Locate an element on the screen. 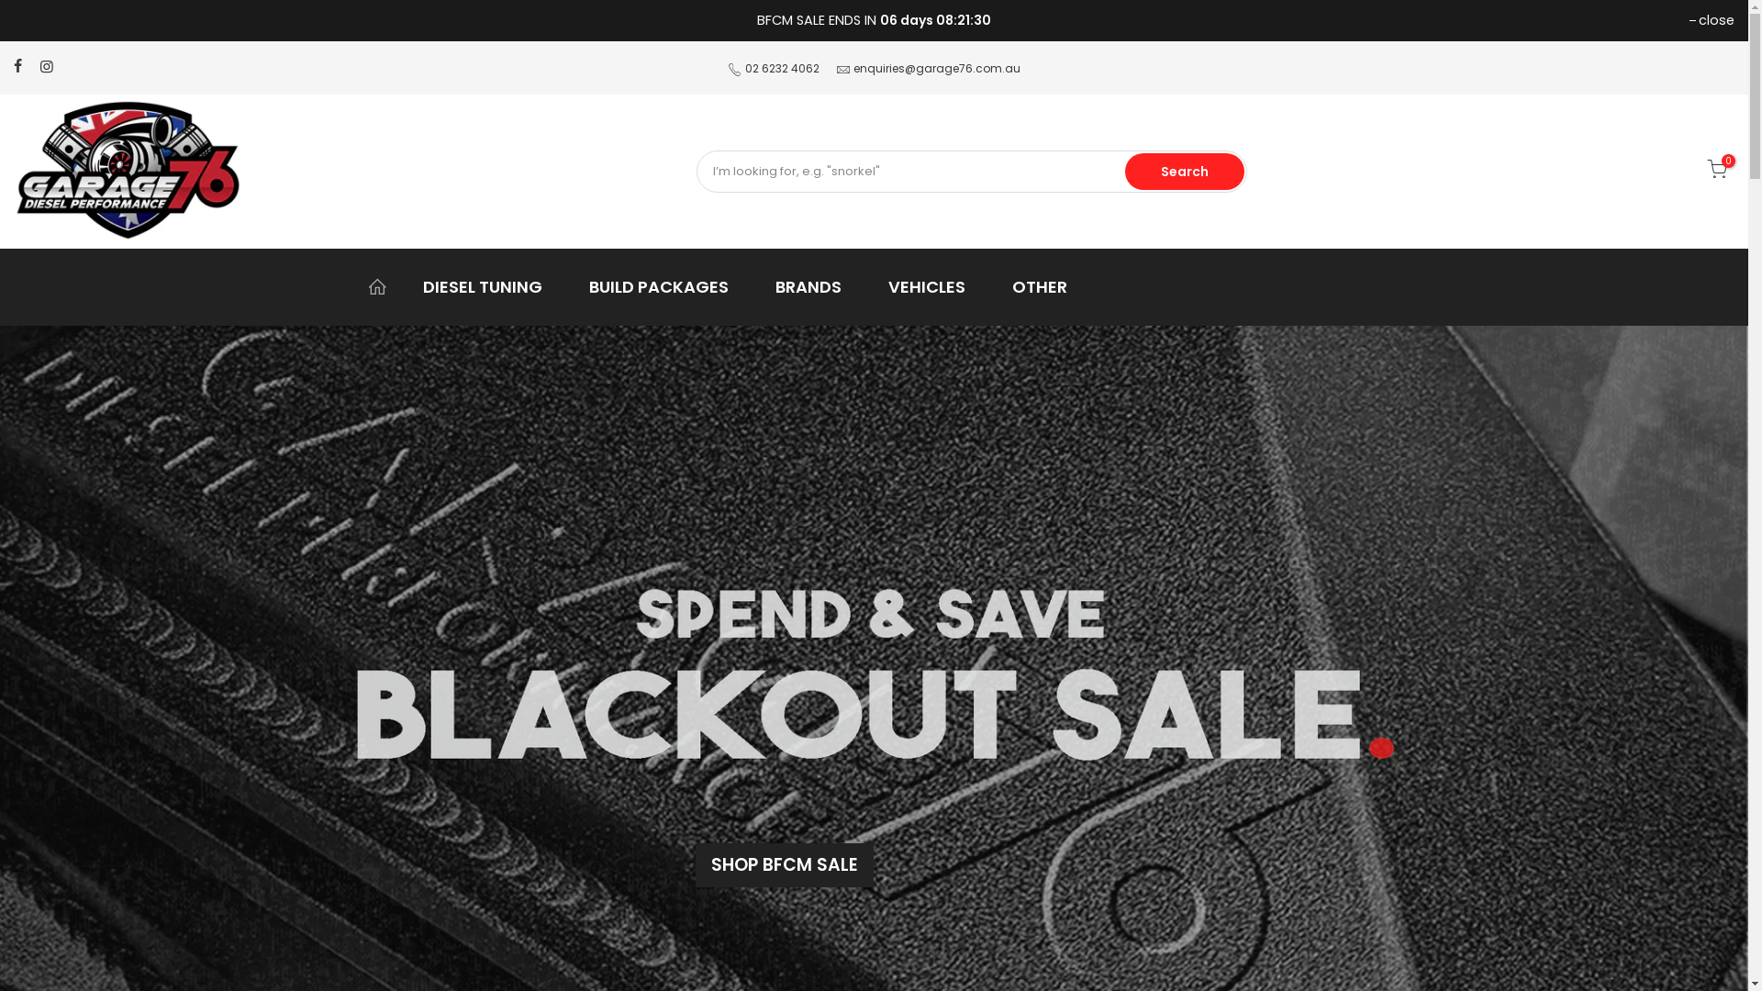  'BRANDS' is located at coordinates (815, 286).